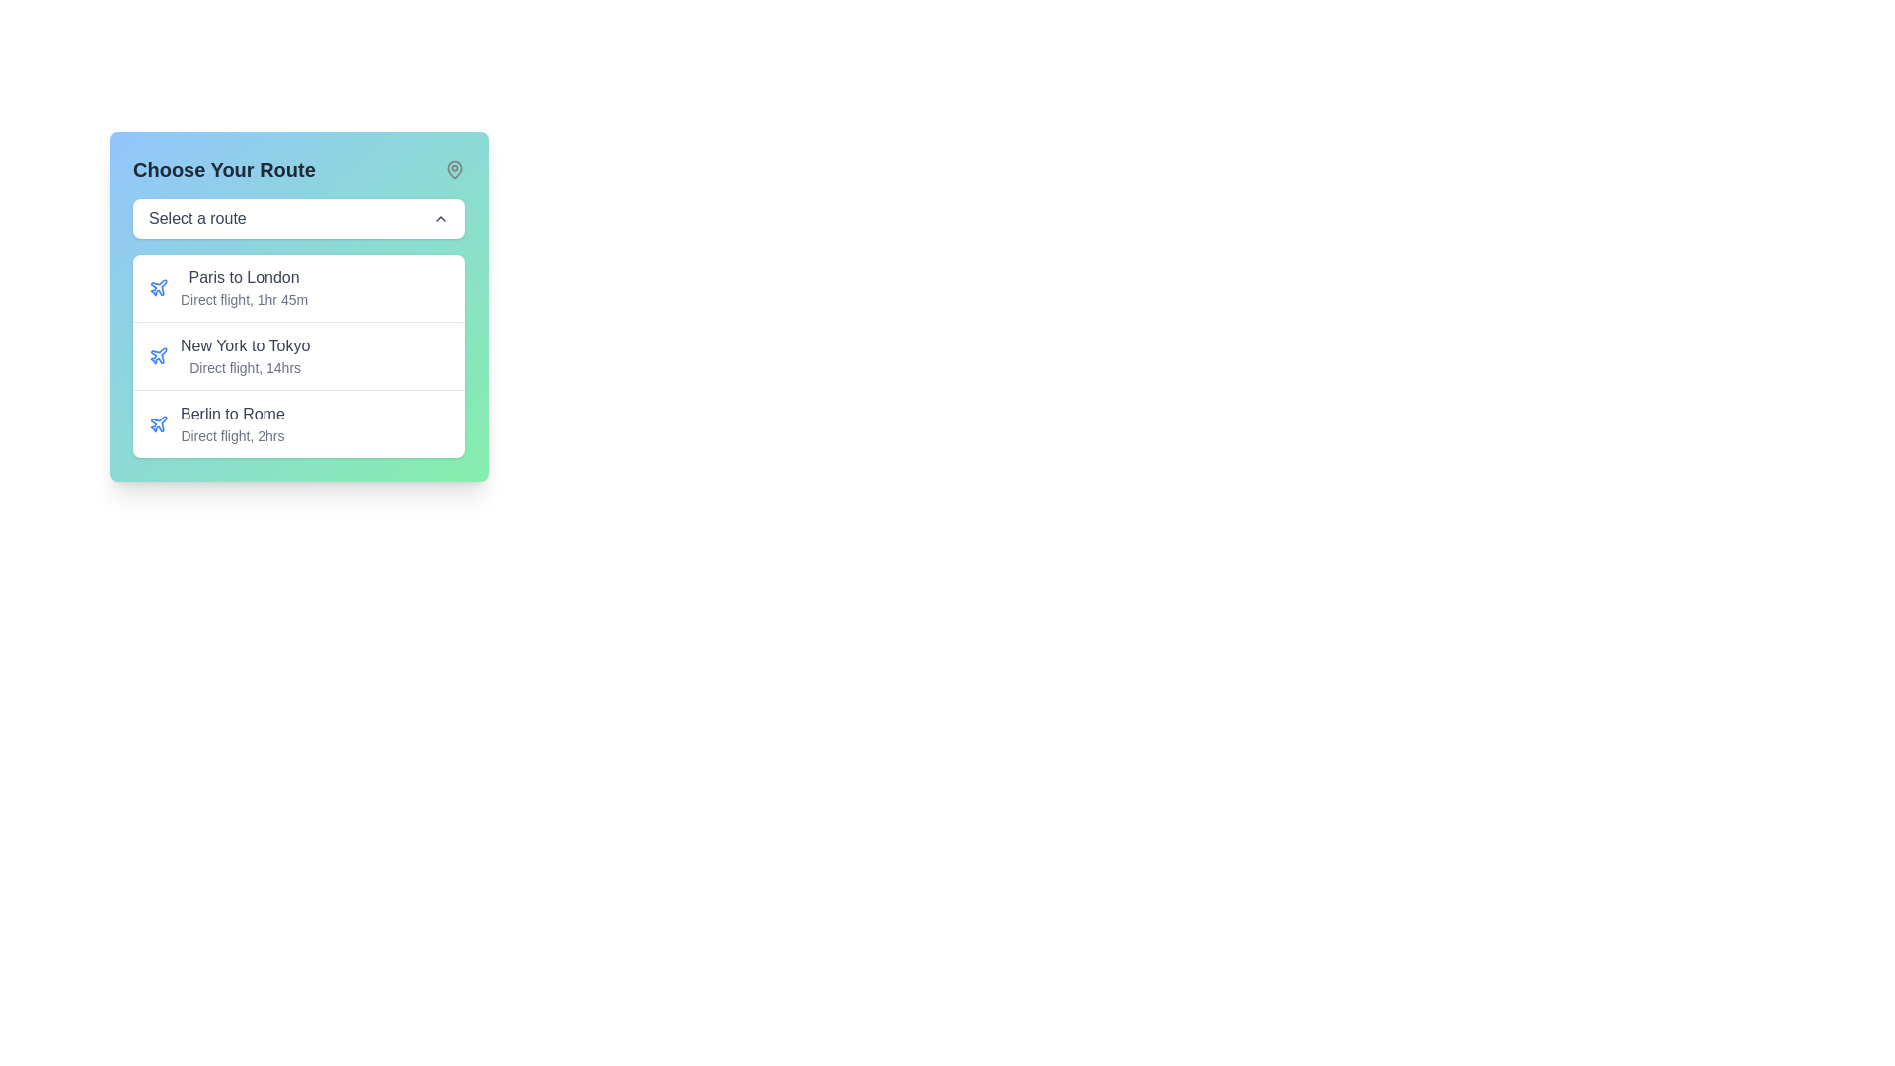  Describe the element at coordinates (159, 356) in the screenshot. I see `the airplane icon representing the flight route located to the left of the flight information text 'New York to Tokyo' in the dropdown interface` at that location.